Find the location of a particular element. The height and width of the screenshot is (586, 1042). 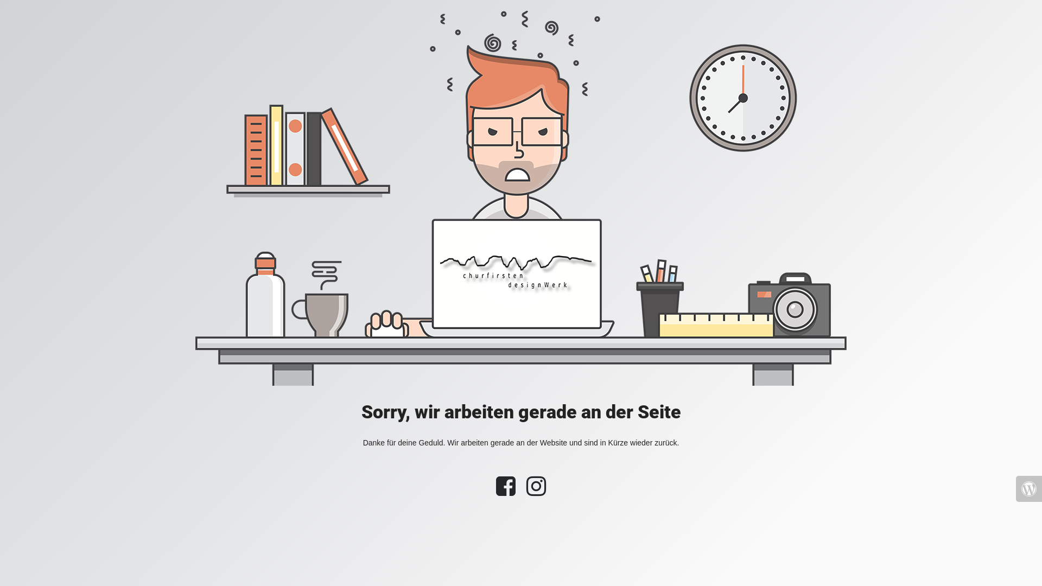

'Instagram' is located at coordinates (536, 492).